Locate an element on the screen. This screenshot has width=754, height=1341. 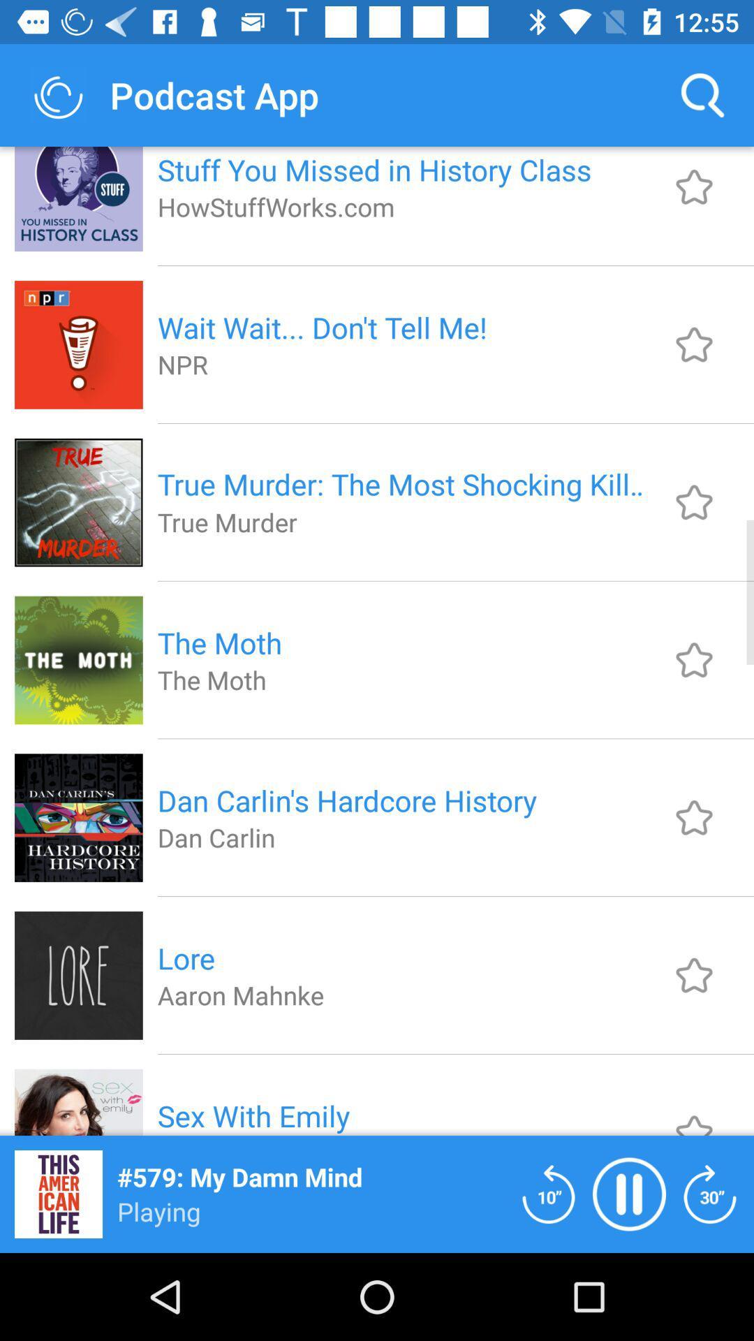
makes favorite item is located at coordinates (694, 974).